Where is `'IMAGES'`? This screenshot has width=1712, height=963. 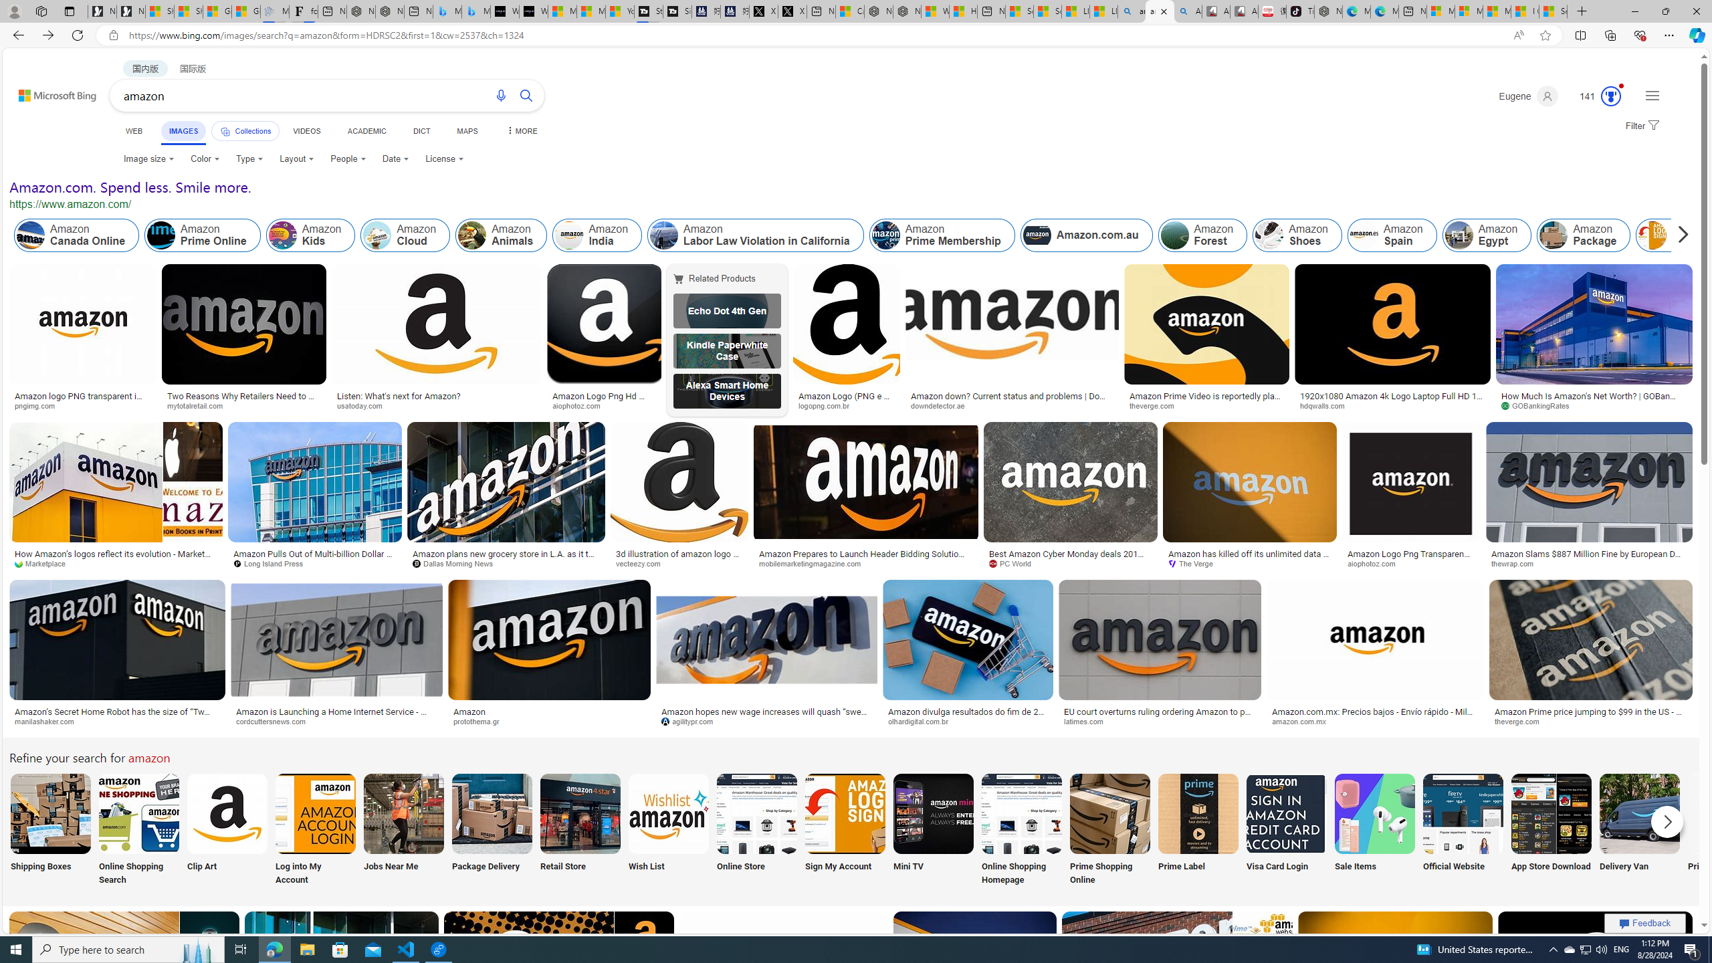
'IMAGES' is located at coordinates (183, 132).